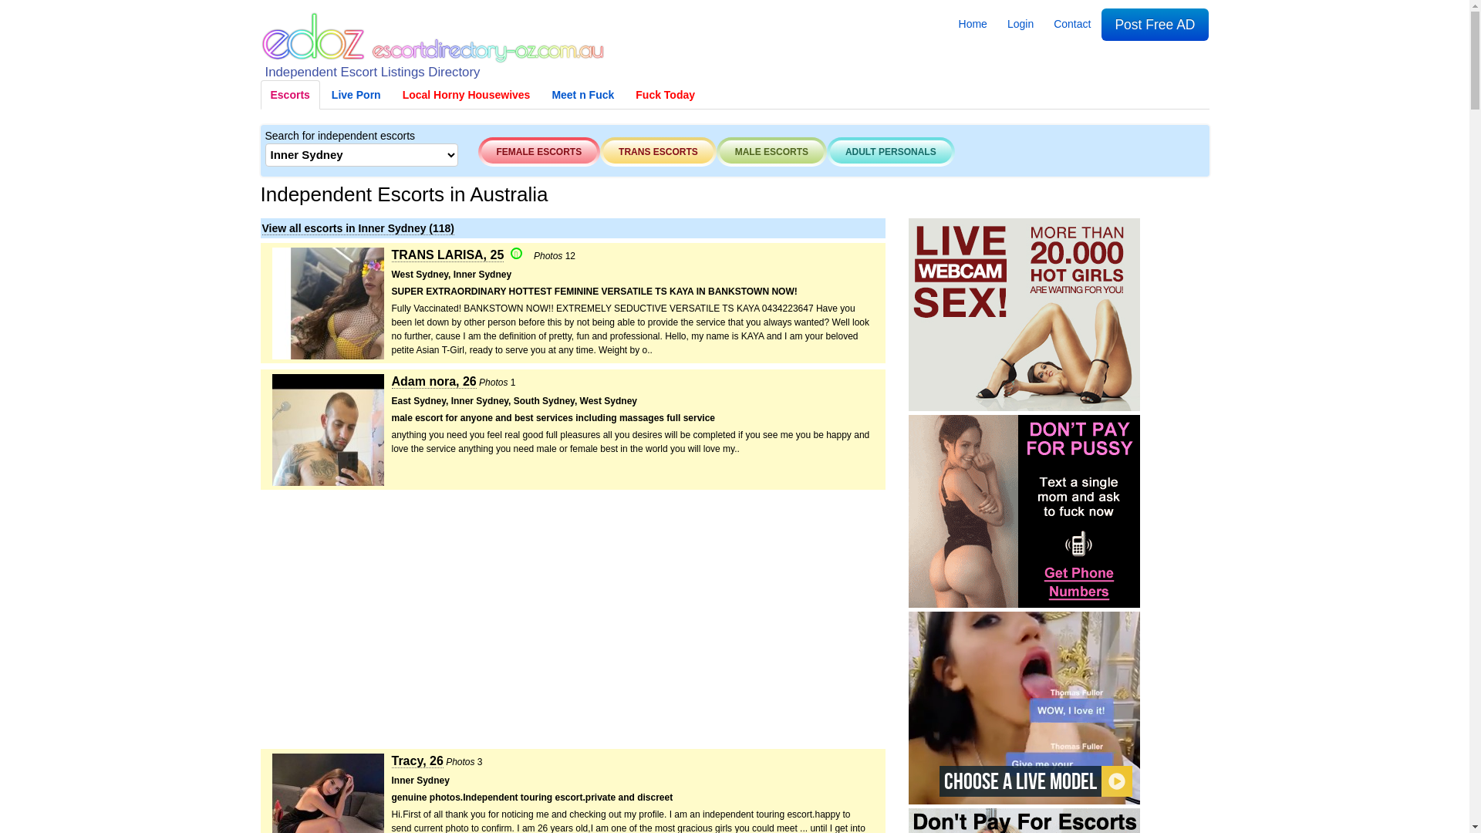  What do you see at coordinates (948, 23) in the screenshot?
I see `'Home'` at bounding box center [948, 23].